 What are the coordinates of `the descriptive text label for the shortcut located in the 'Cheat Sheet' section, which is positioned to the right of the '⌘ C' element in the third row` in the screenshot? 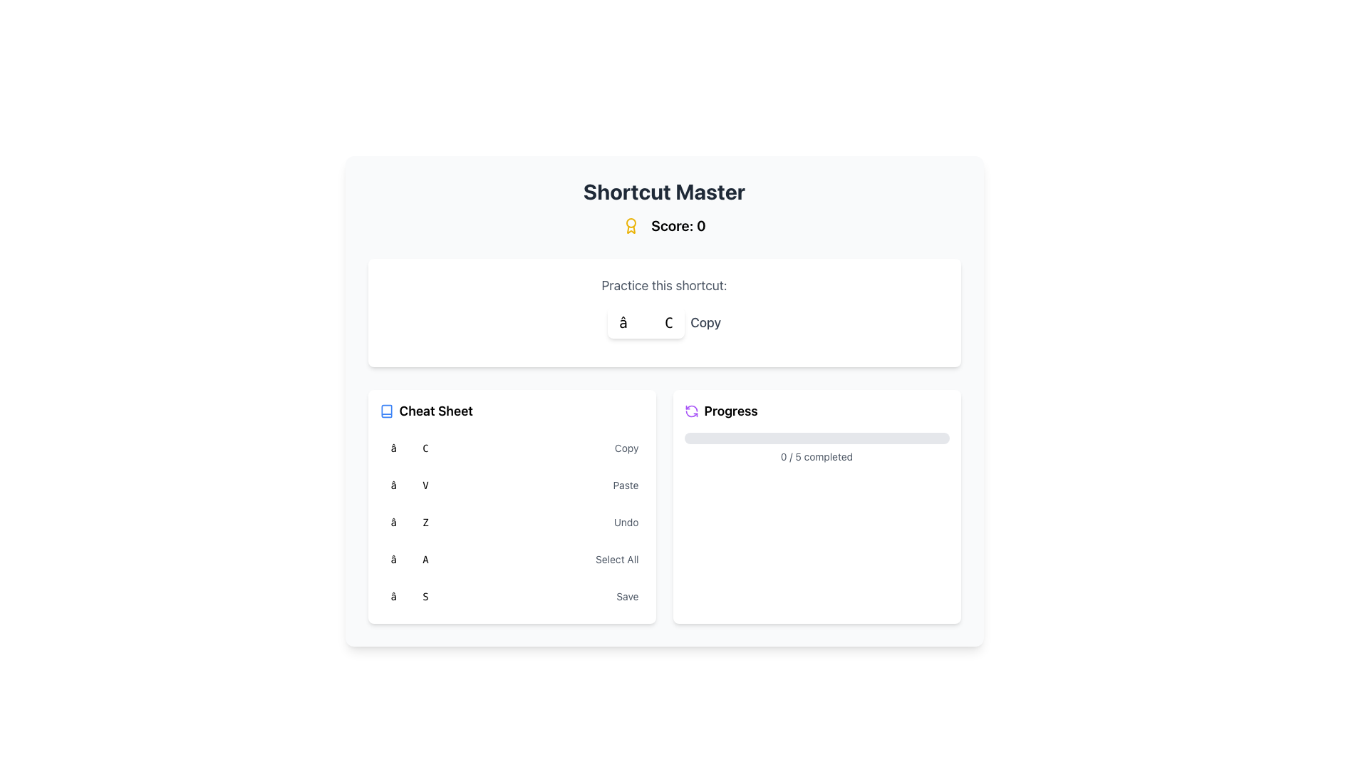 It's located at (626, 447).